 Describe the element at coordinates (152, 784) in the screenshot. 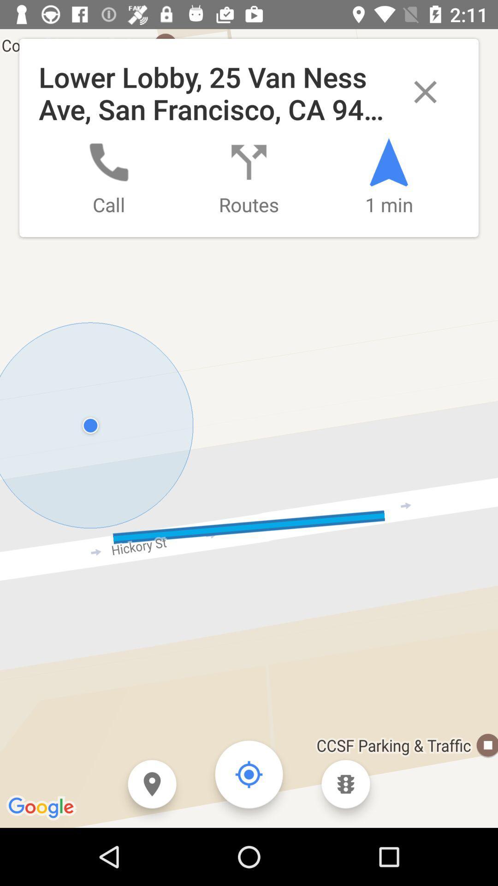

I see `show destination` at that location.